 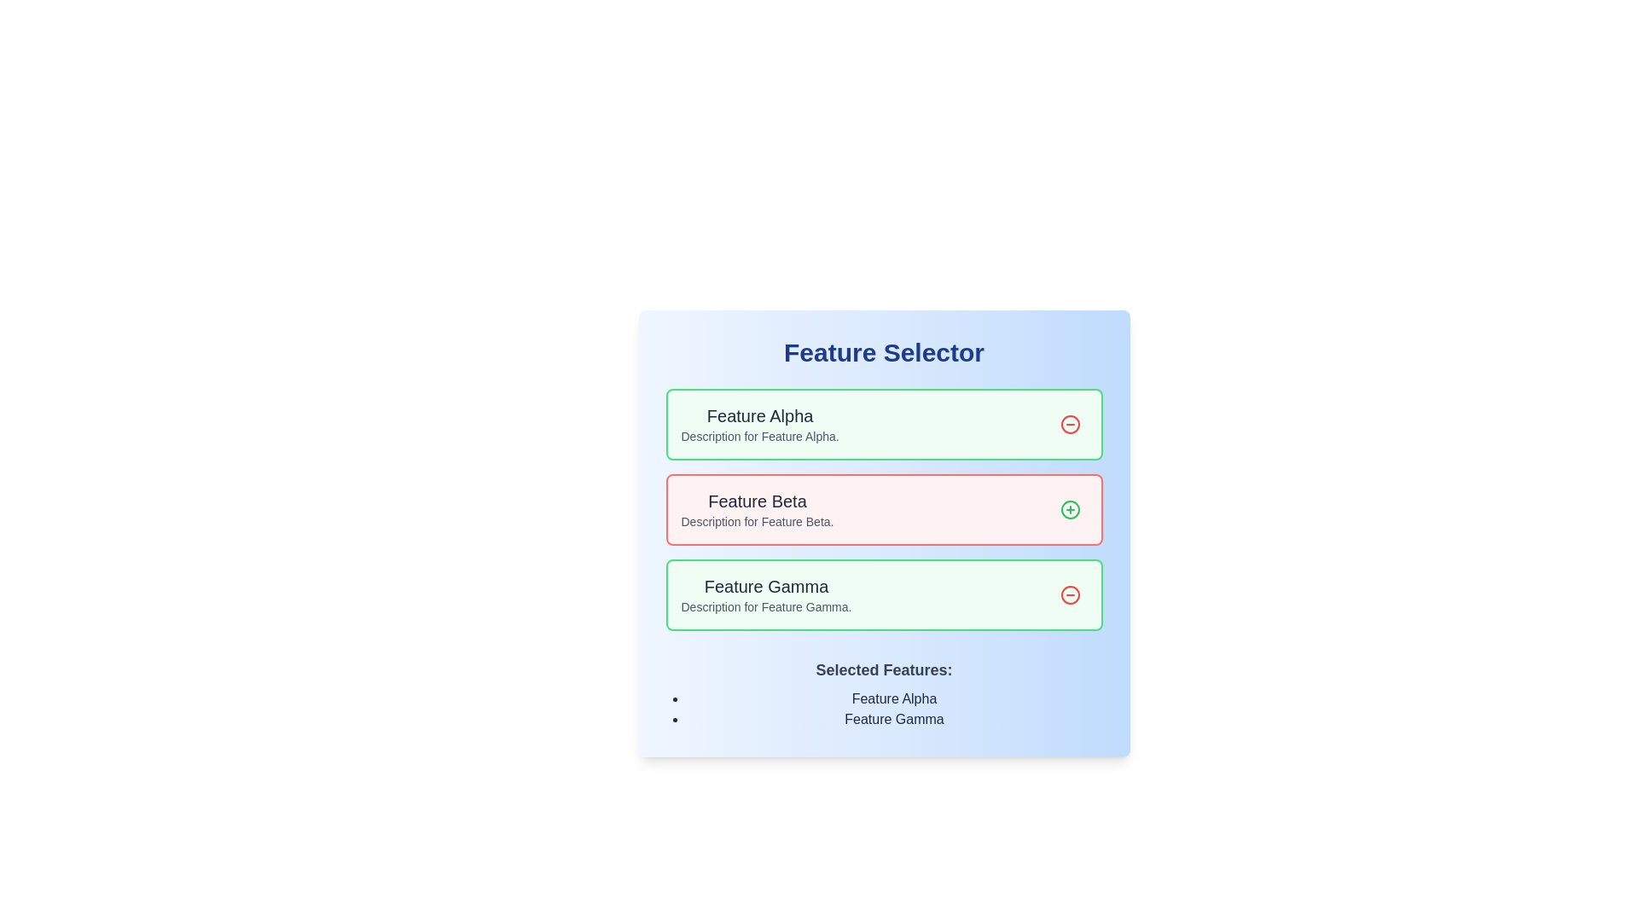 What do you see at coordinates (757, 521) in the screenshot?
I see `the informational text element located below the 'Feature Beta' title, which provides additional information about the feature` at bounding box center [757, 521].